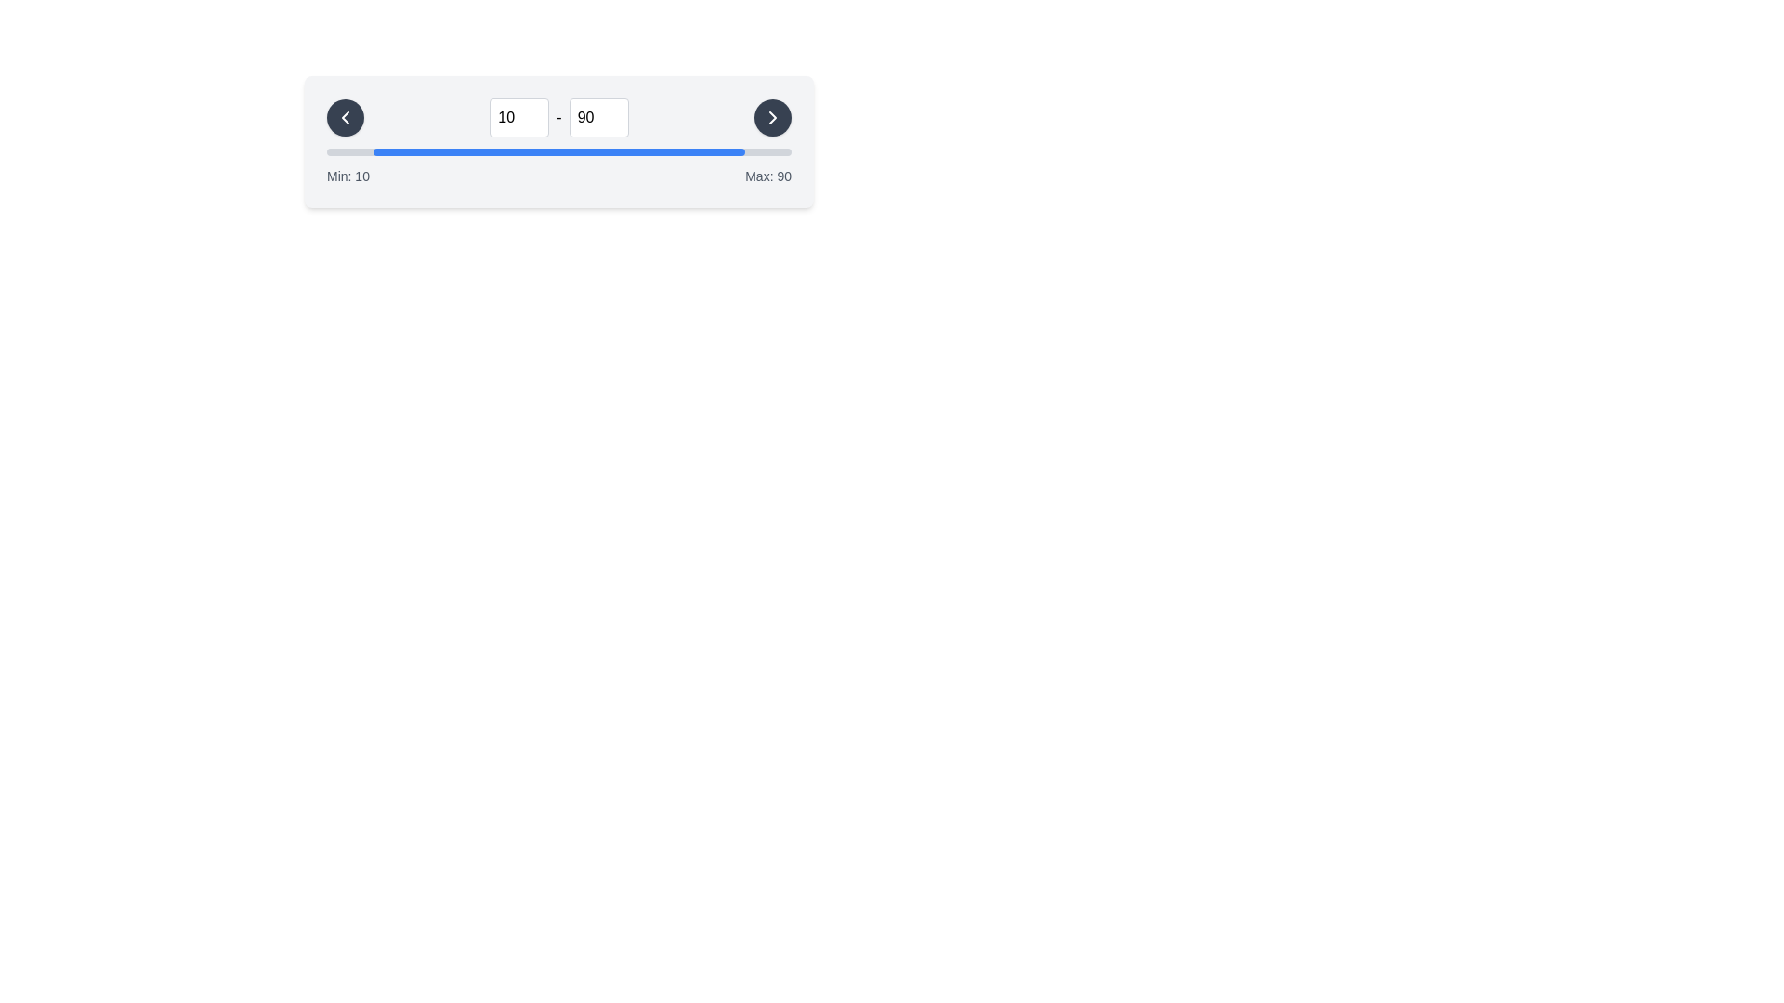 The width and height of the screenshot is (1784, 1003). I want to click on the left-pointing chevron arrow icon button with a dark gray background, which is part of the navigation group next to the number input field, so click(346, 118).